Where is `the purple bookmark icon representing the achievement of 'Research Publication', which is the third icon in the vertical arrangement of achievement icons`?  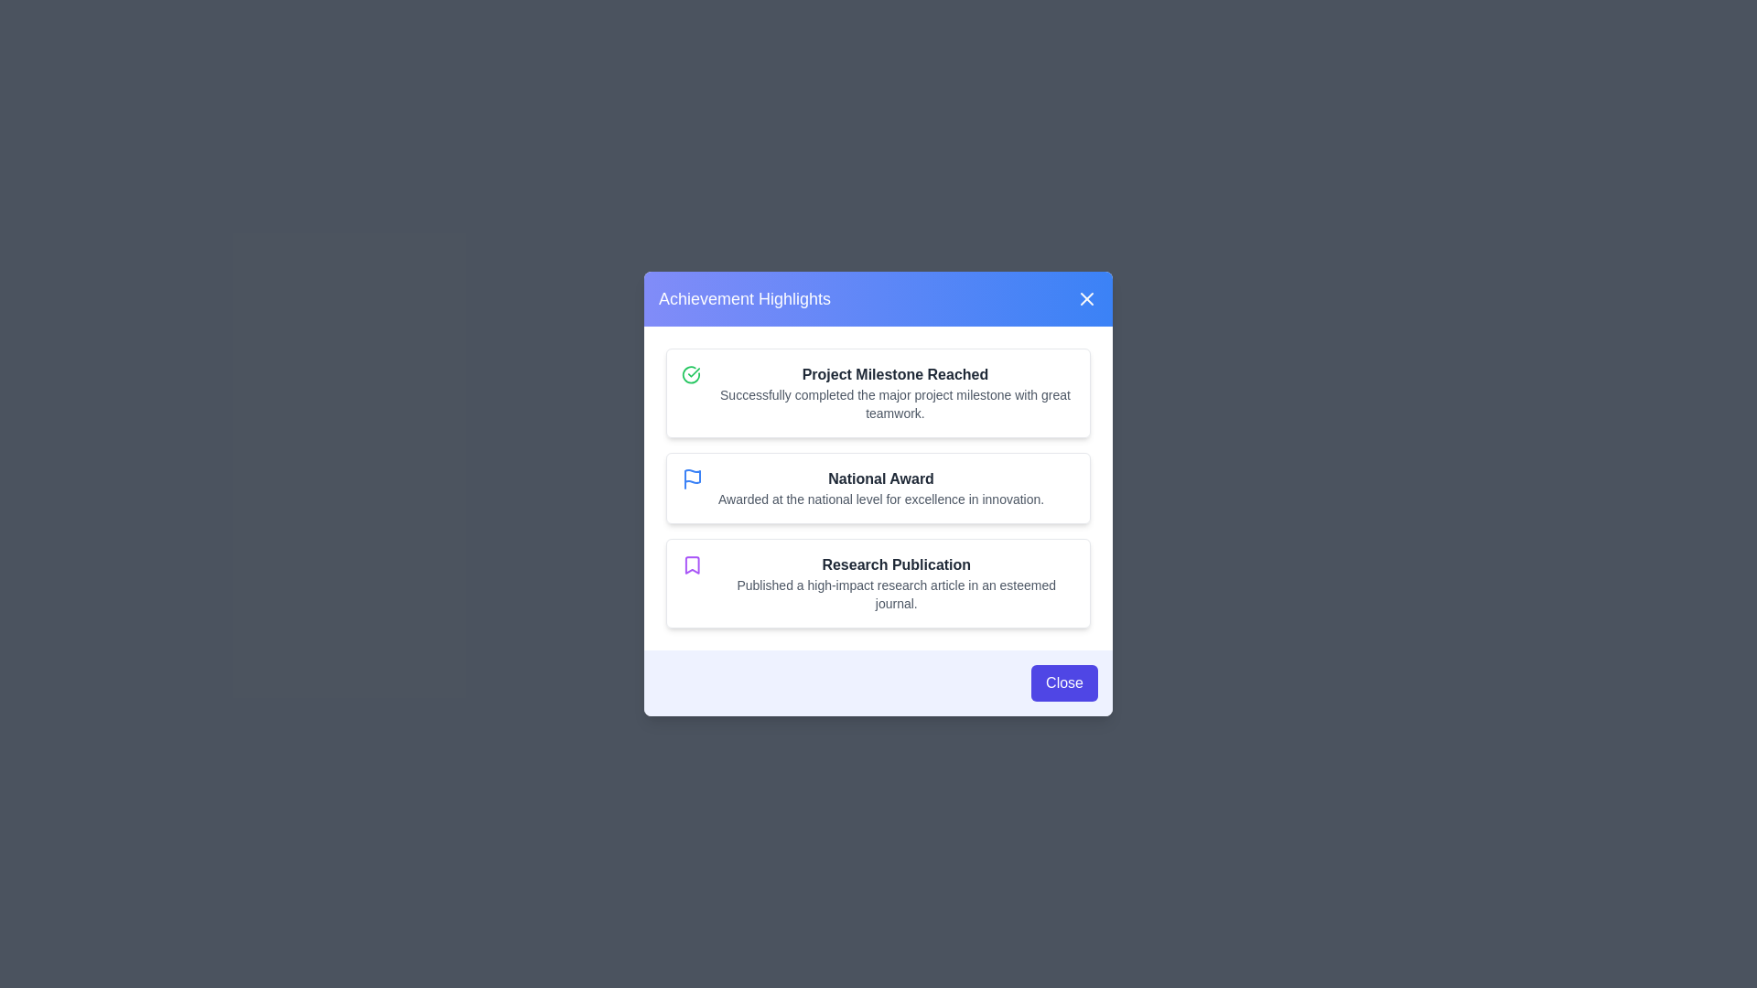 the purple bookmark icon representing the achievement of 'Research Publication', which is the third icon in the vertical arrangement of achievement icons is located at coordinates (691, 564).